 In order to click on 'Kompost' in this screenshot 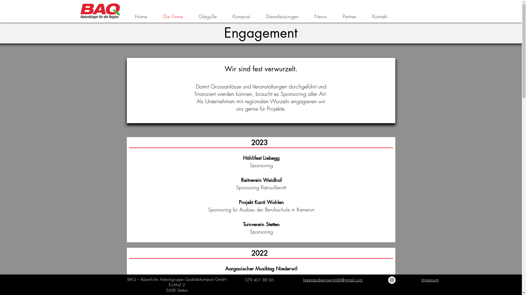, I will do `click(241, 16)`.